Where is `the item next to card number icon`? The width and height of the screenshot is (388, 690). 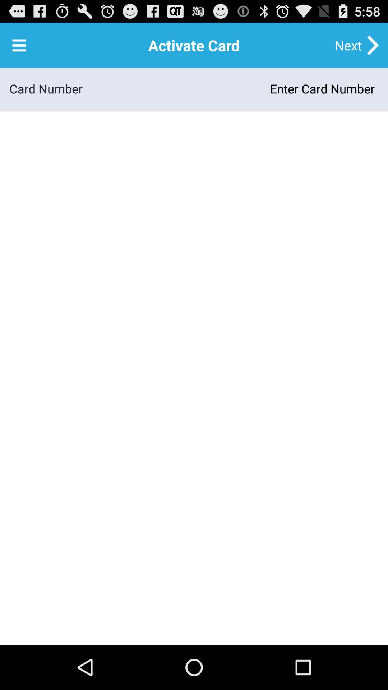 the item next to card number icon is located at coordinates (230, 88).